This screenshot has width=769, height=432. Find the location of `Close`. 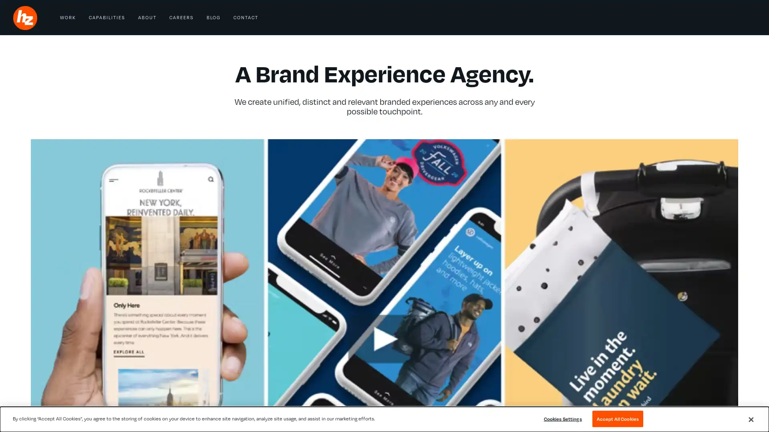

Close is located at coordinates (750, 419).